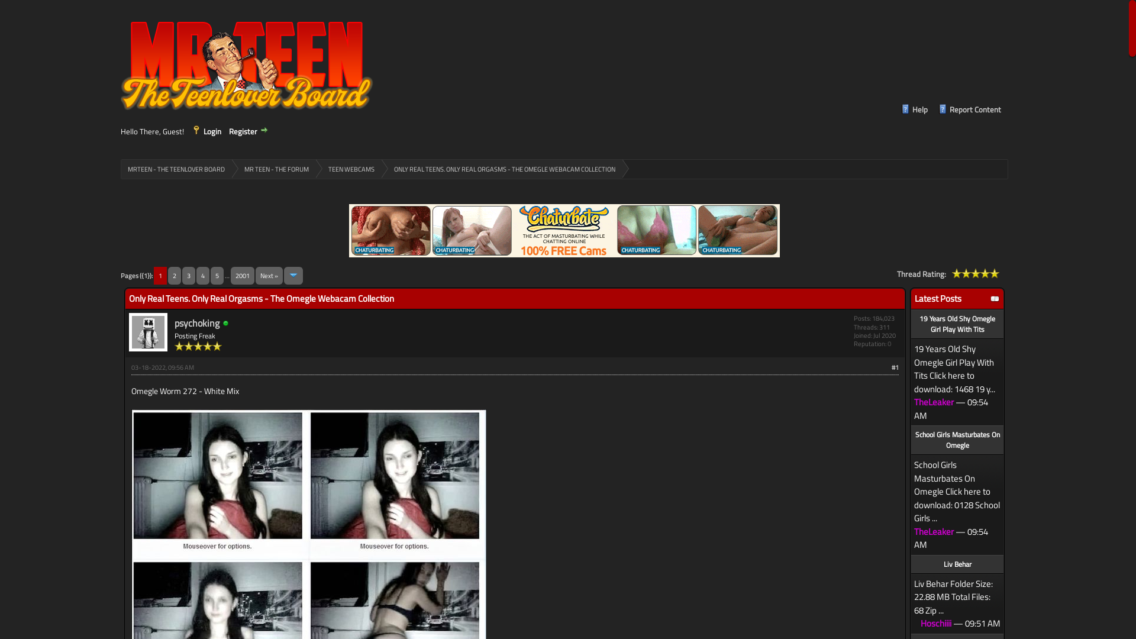 The width and height of the screenshot is (1136, 639). I want to click on '2001', so click(241, 276).